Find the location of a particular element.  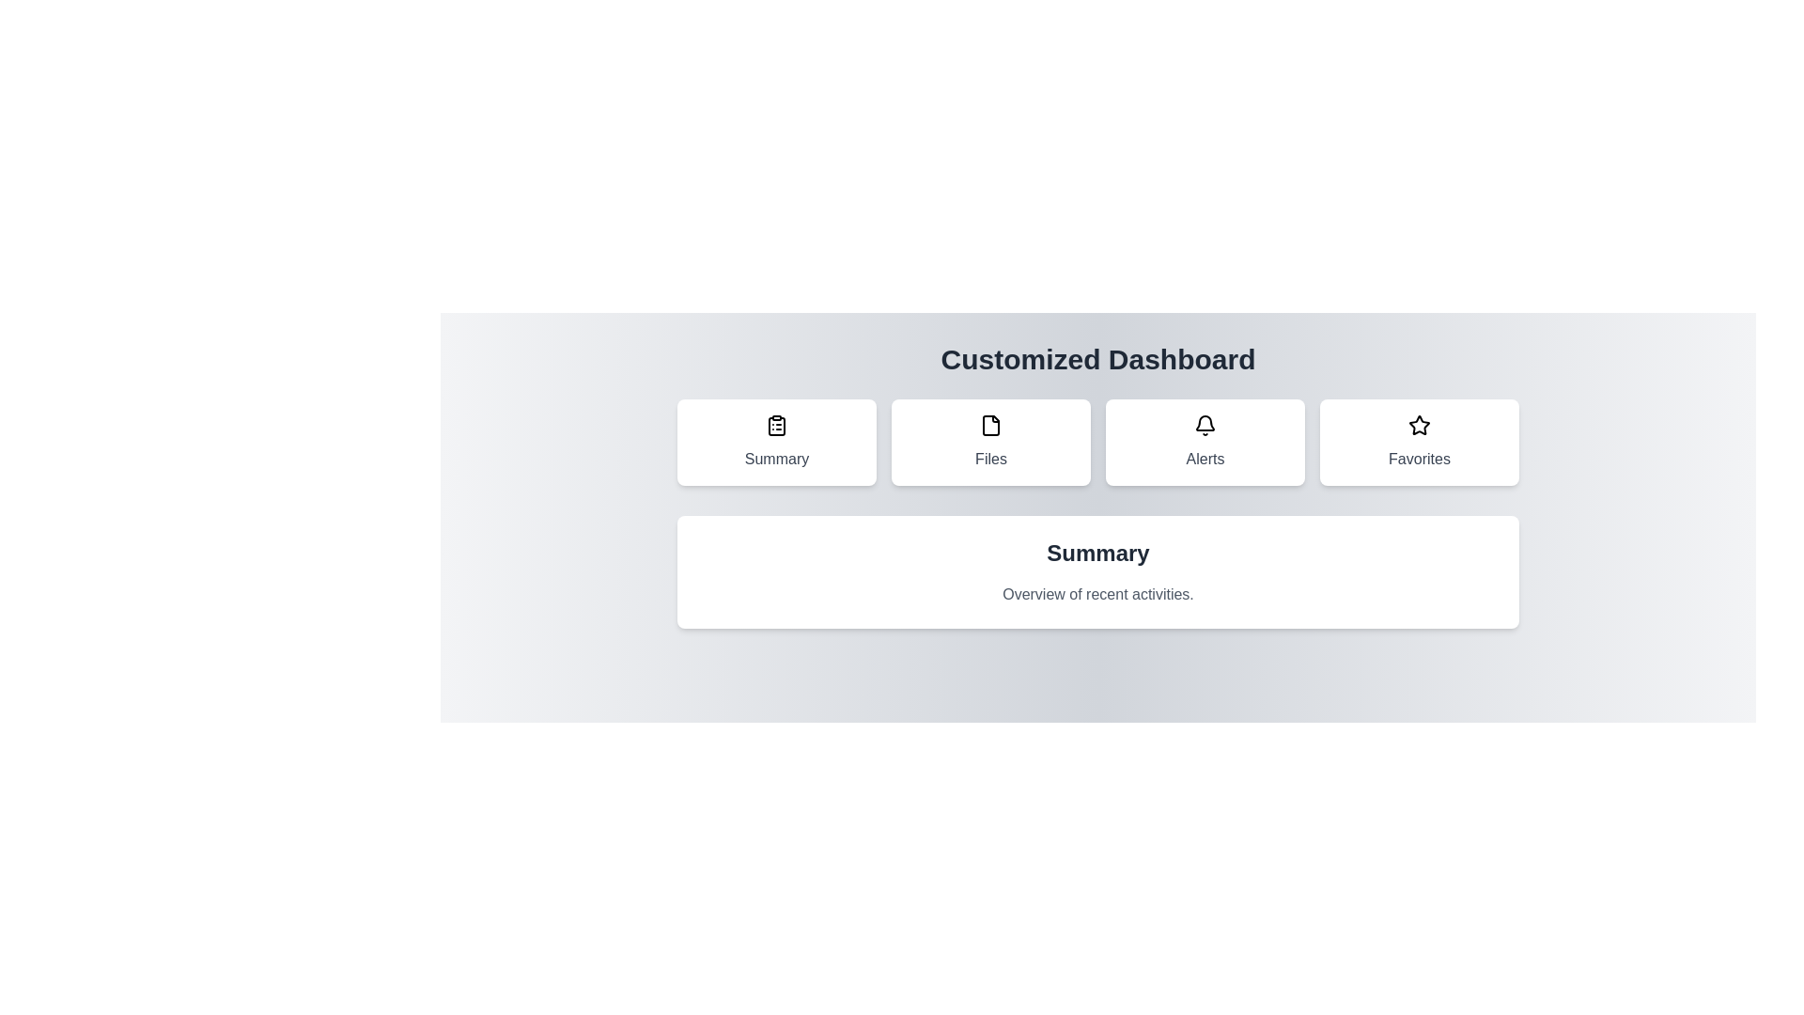

the 'Files' button is located at coordinates (990, 442).